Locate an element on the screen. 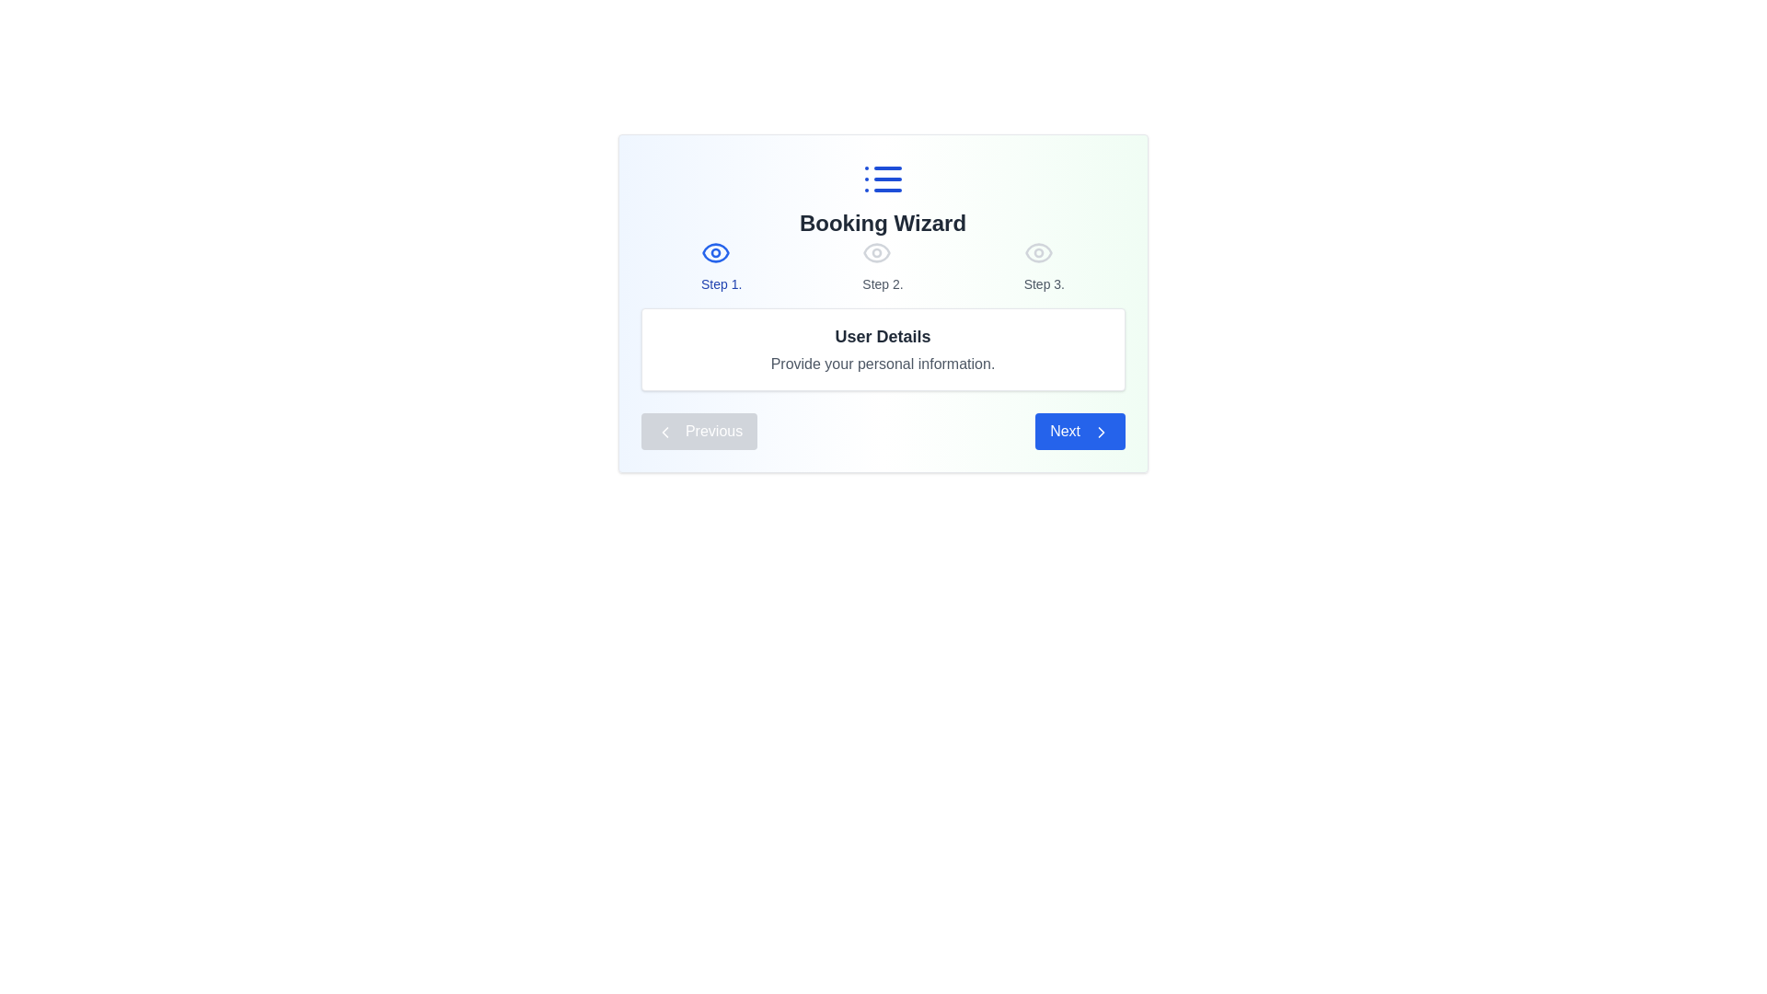 Image resolution: width=1767 pixels, height=994 pixels. the previous step navigation button located at the lower-left corner of the navigation control area is located at coordinates (698, 432).